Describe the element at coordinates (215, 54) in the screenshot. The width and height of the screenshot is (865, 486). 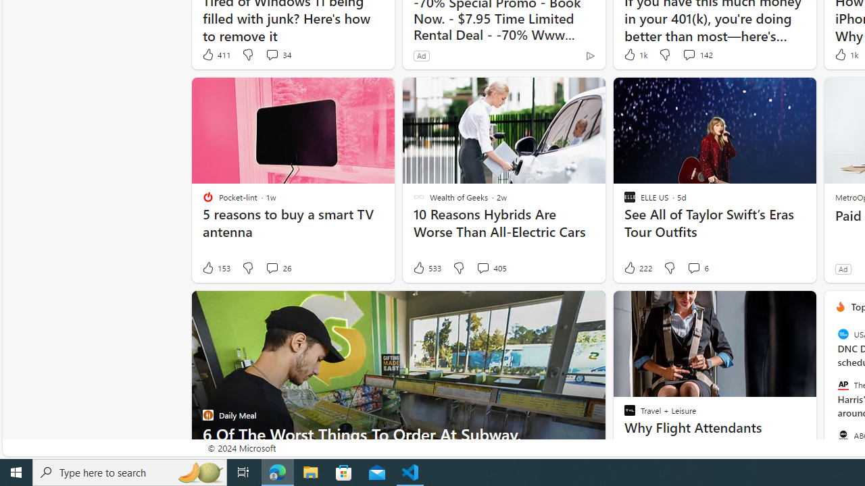
I see `'411 Like'` at that location.